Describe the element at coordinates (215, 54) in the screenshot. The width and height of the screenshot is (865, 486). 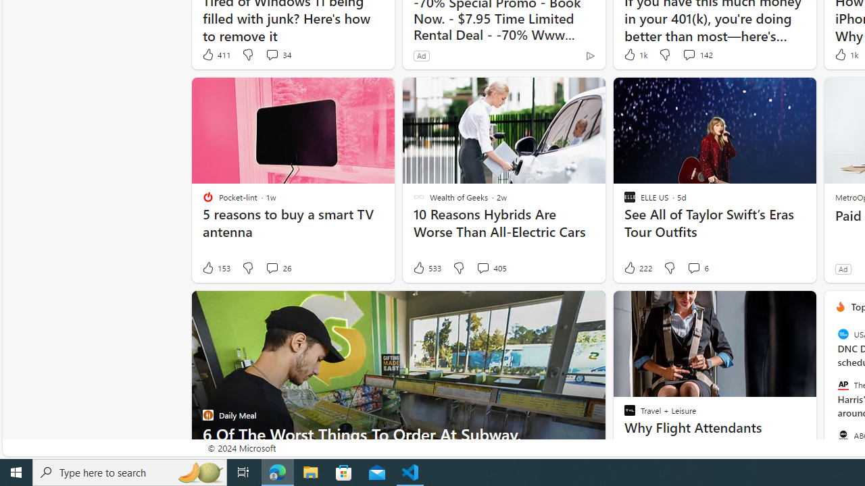
I see `'411 Like'` at that location.